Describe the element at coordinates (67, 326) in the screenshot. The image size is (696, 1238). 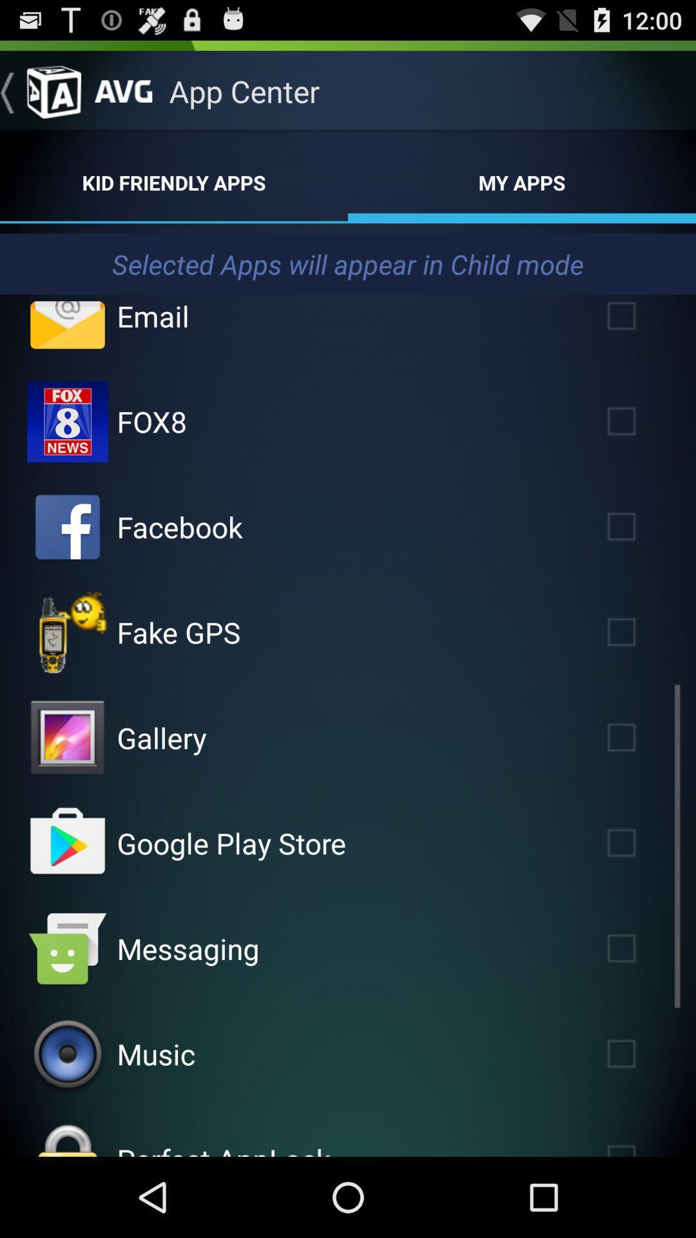
I see `email` at that location.